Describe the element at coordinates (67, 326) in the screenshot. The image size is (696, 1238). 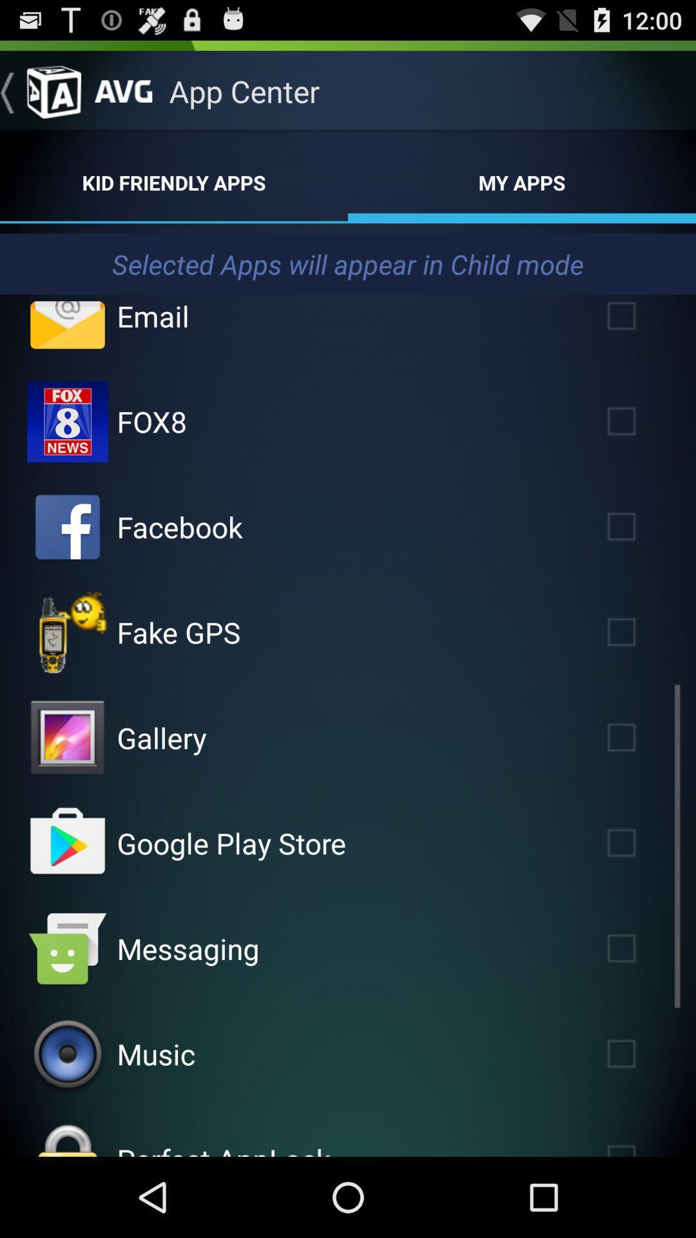
I see `email` at that location.